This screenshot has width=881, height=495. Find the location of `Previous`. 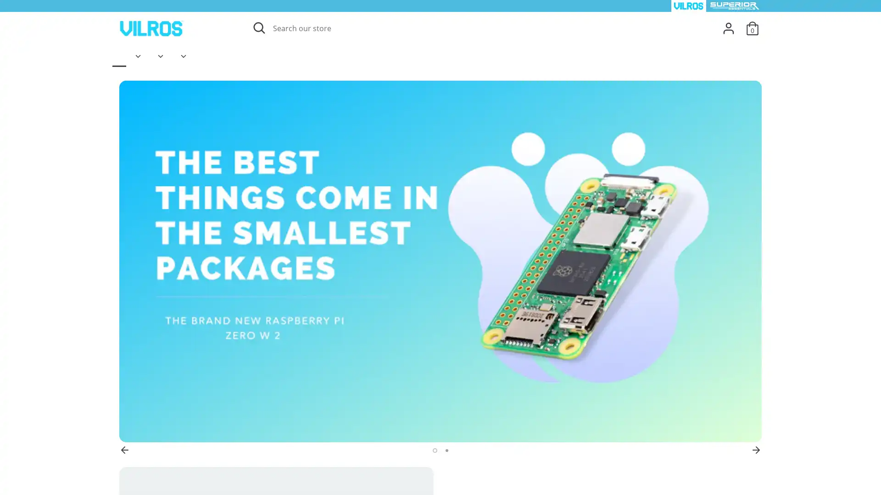

Previous is located at coordinates (124, 450).